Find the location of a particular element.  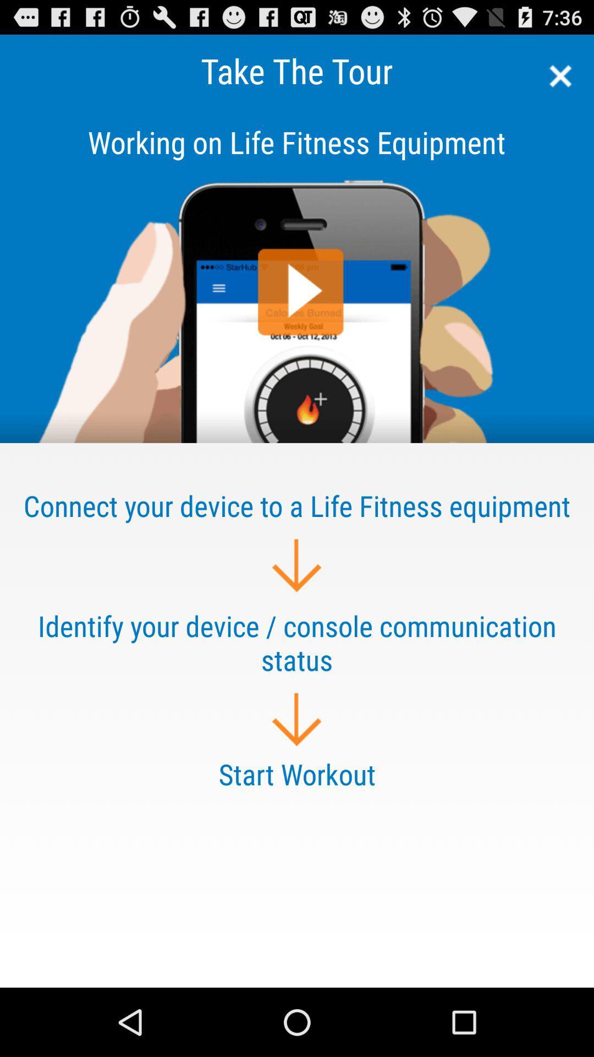

exit is located at coordinates (557, 75).